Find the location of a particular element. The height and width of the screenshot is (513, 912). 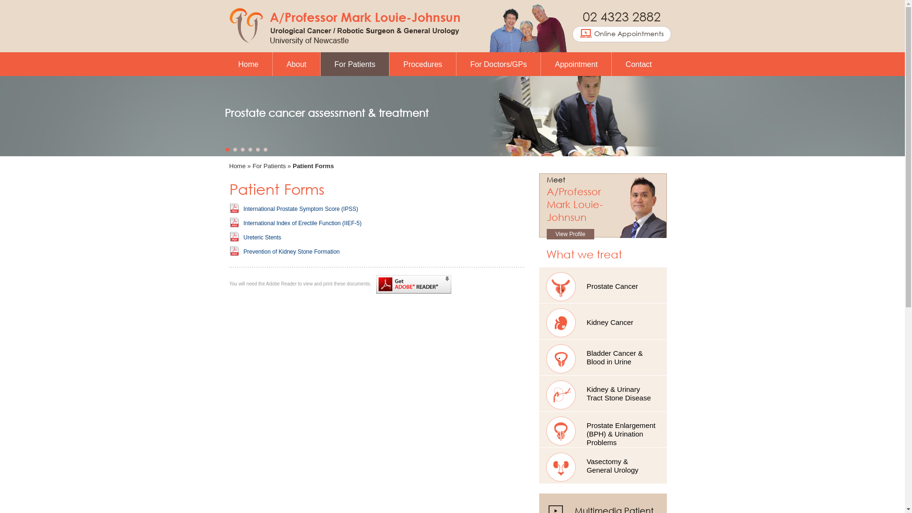

'Vasectomy & is located at coordinates (602, 465).